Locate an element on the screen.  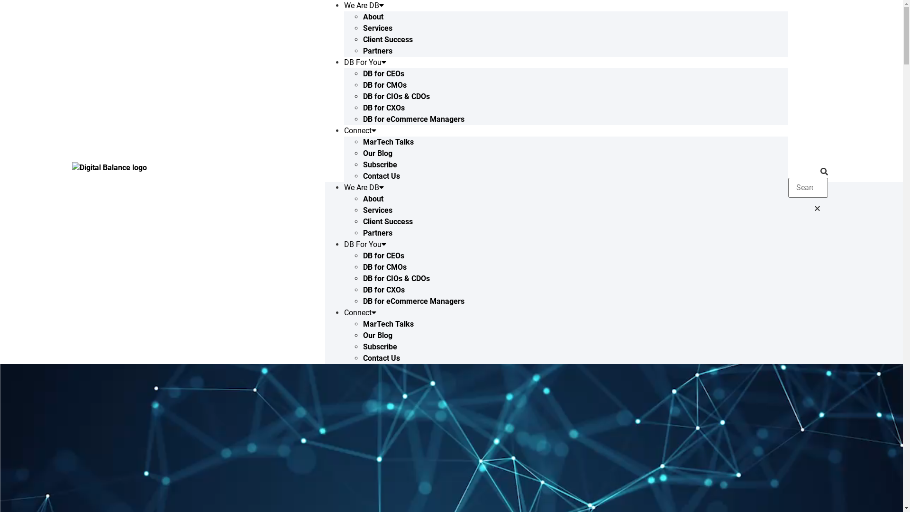
'DB for CXOs' is located at coordinates (384, 289).